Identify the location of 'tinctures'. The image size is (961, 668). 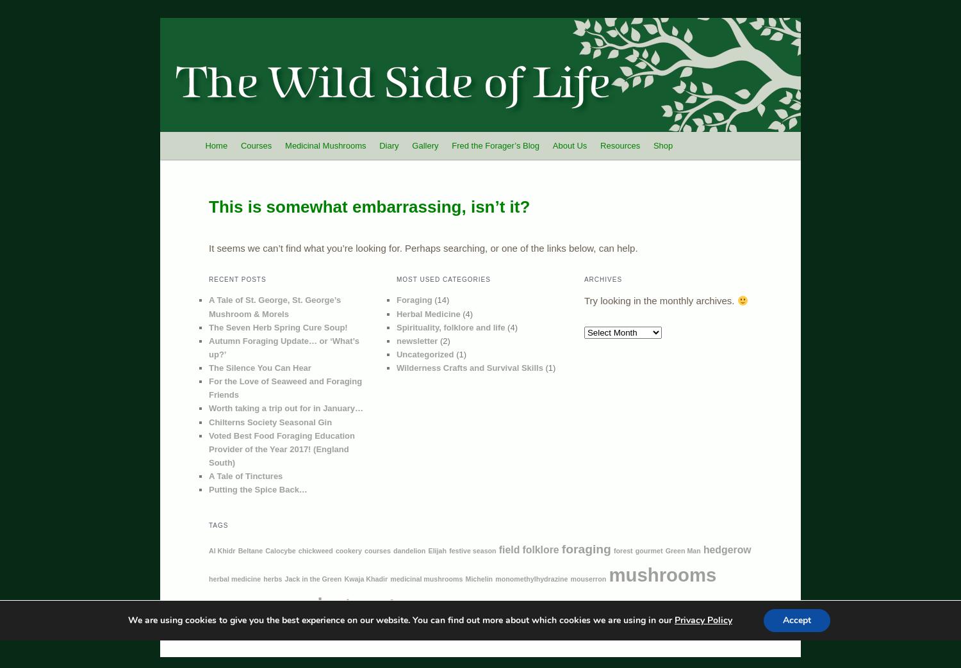
(735, 608).